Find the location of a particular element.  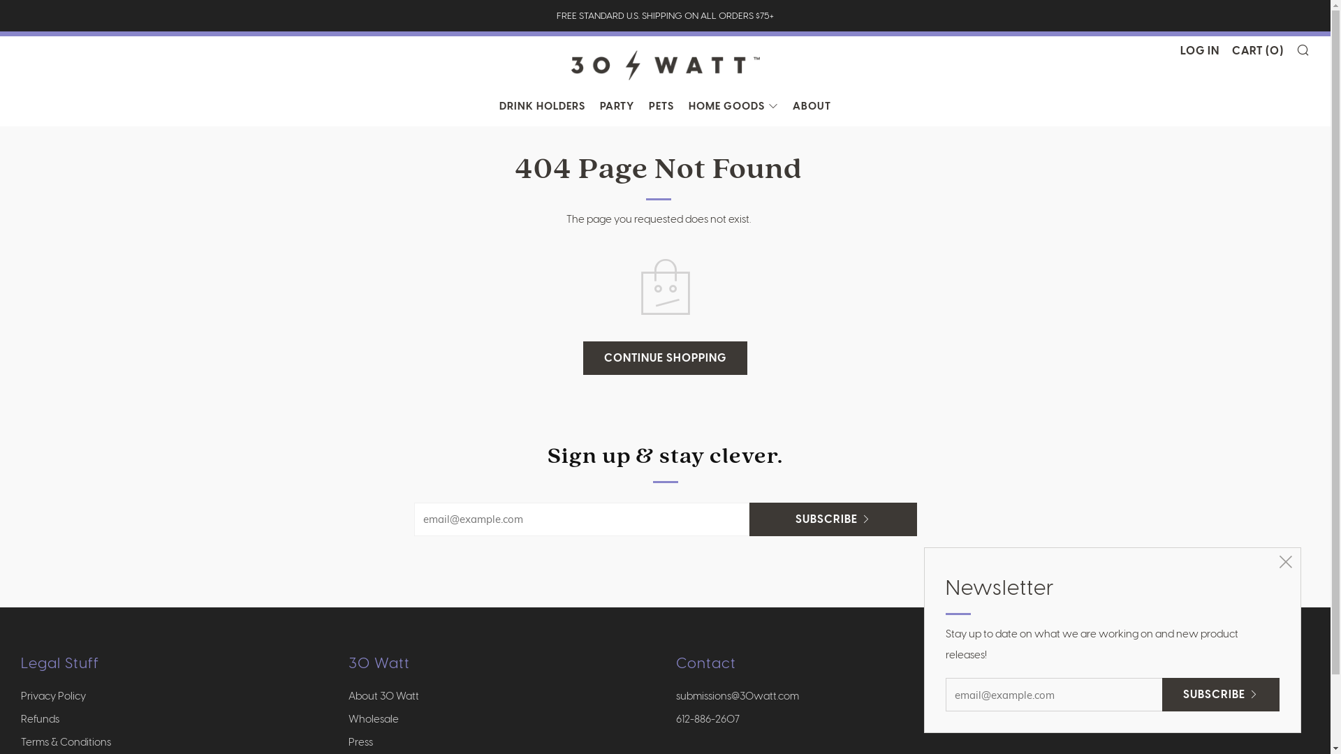

'LOG IN' is located at coordinates (1199, 50).